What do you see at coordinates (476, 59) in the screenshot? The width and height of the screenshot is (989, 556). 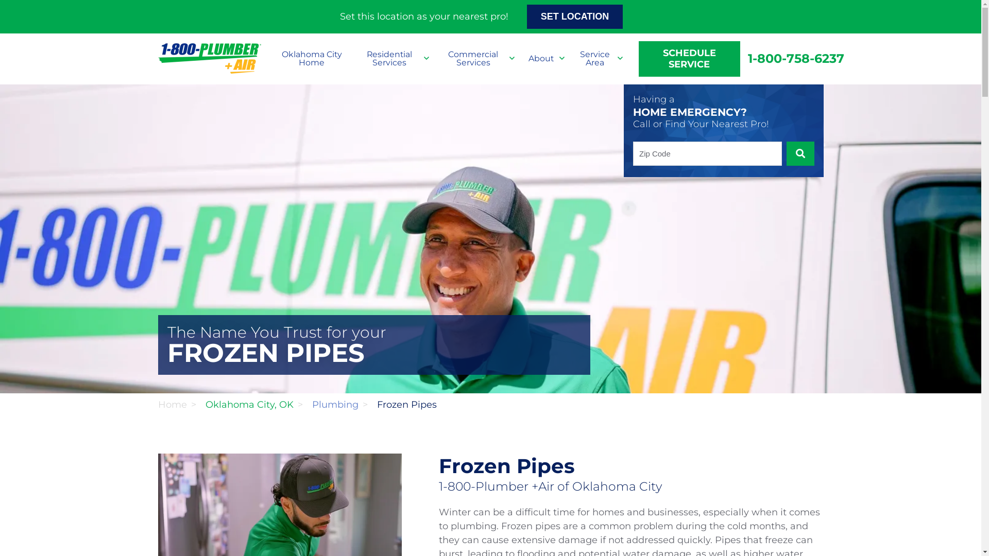 I see `'Commercial Services'` at bounding box center [476, 59].